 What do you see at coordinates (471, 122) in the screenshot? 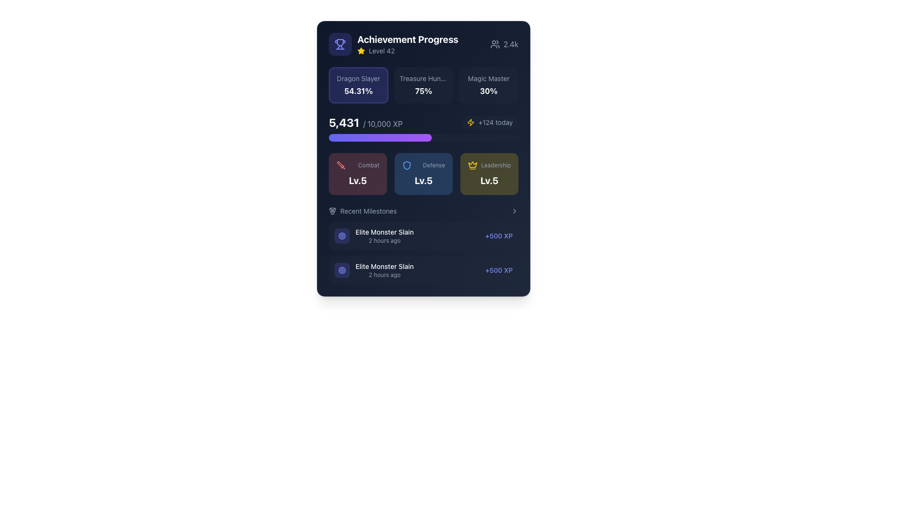
I see `the decorative Icon representing energy or activity, which is located to the immediate left of the '+124 today' text` at bounding box center [471, 122].